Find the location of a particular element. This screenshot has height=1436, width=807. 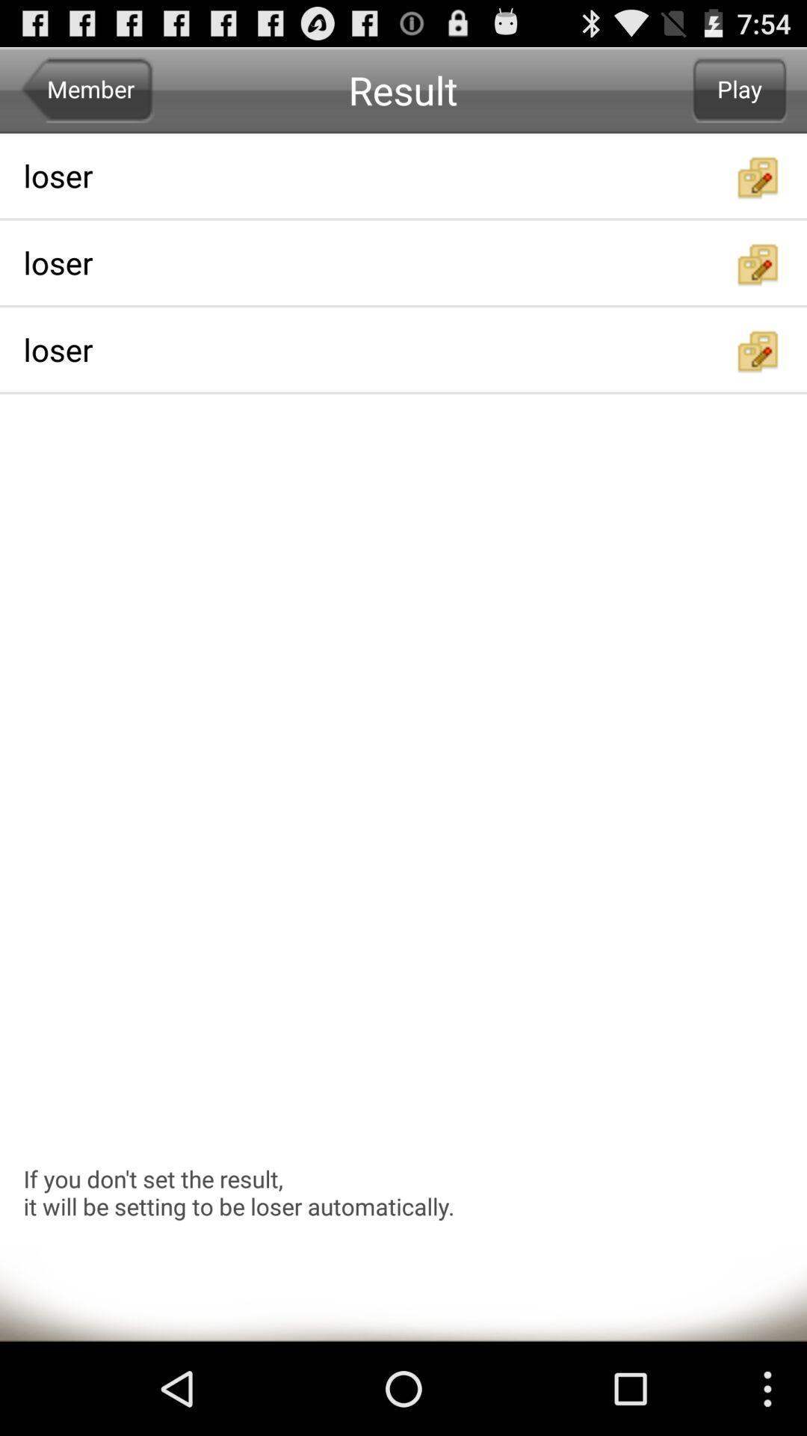

the item above the loser app is located at coordinates (87, 89).